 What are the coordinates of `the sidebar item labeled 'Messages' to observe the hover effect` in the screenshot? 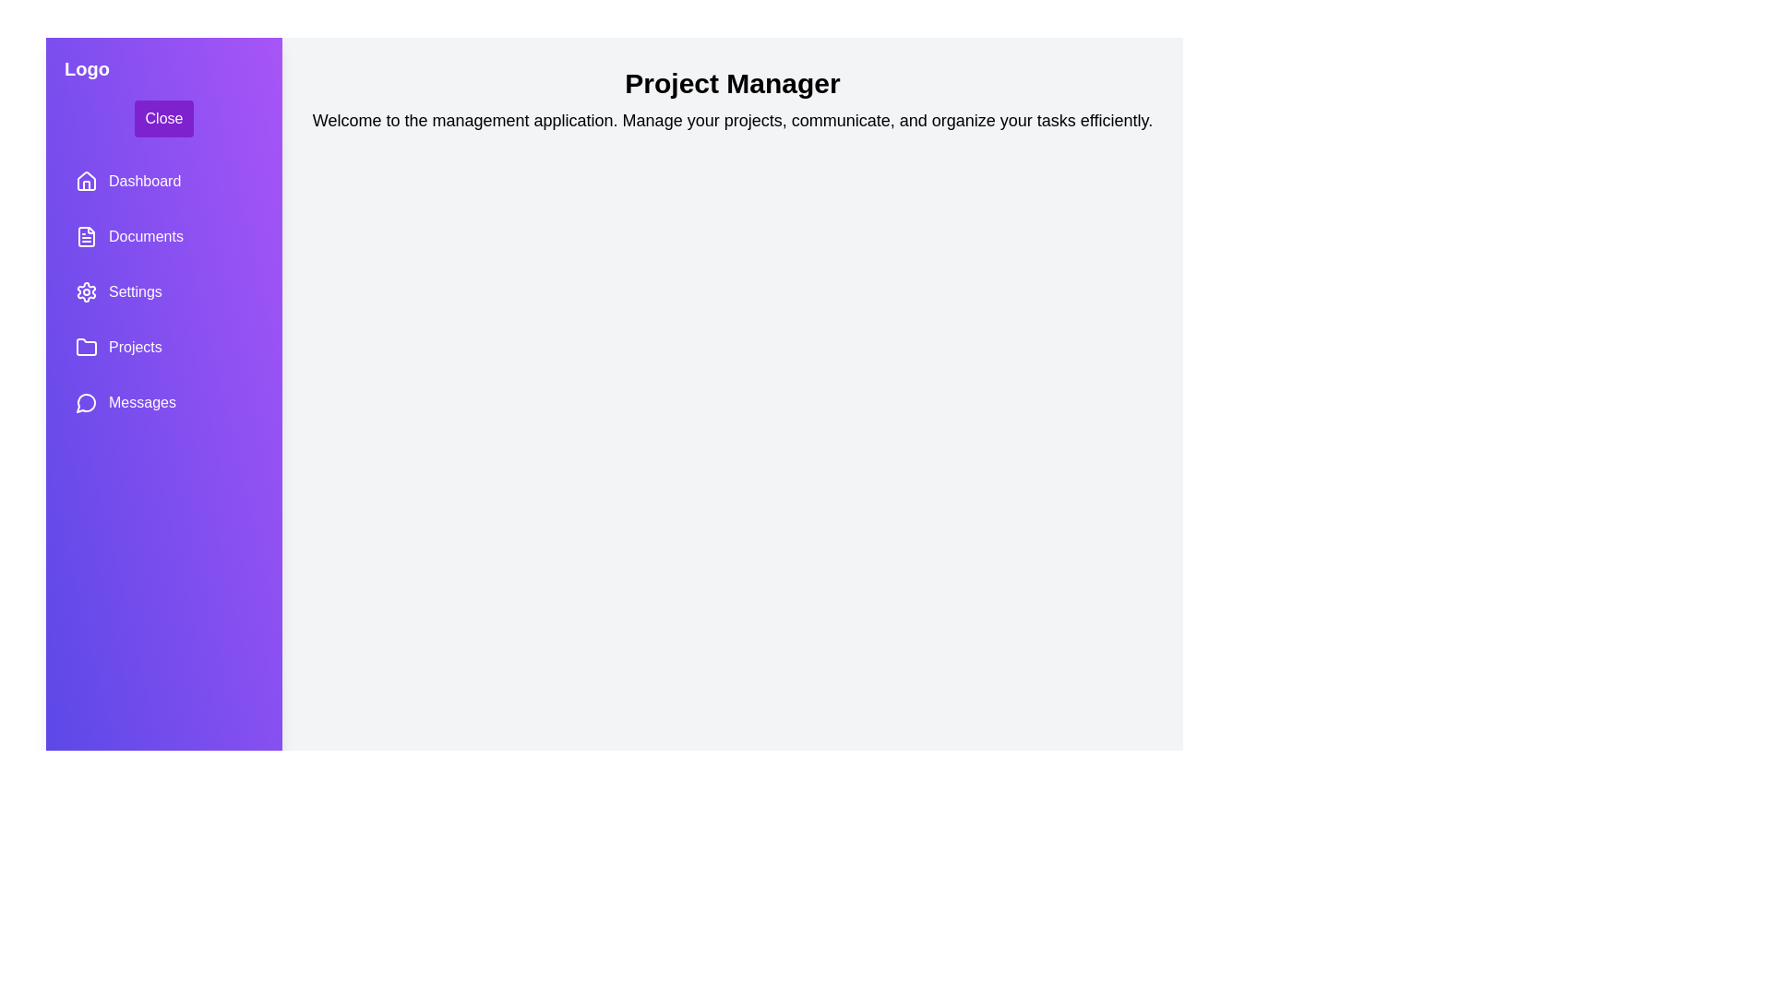 It's located at (163, 401).